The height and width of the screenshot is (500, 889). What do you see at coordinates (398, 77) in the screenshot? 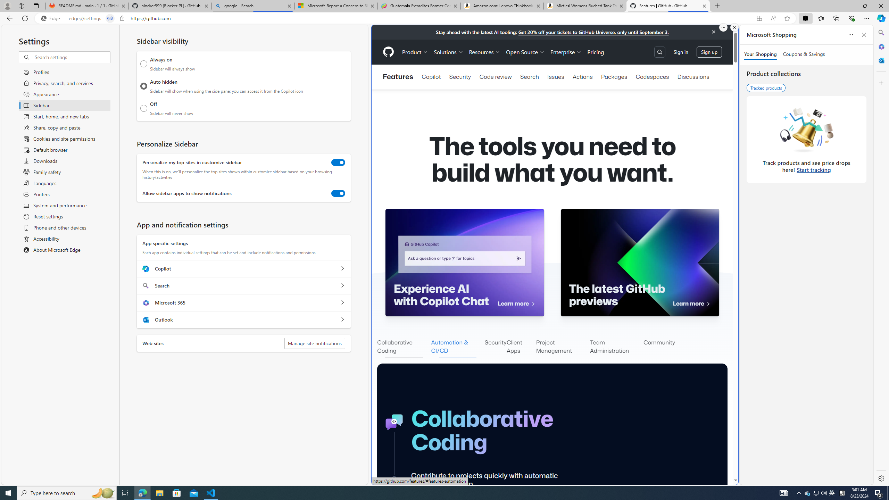
I see `'Features'` at bounding box center [398, 77].